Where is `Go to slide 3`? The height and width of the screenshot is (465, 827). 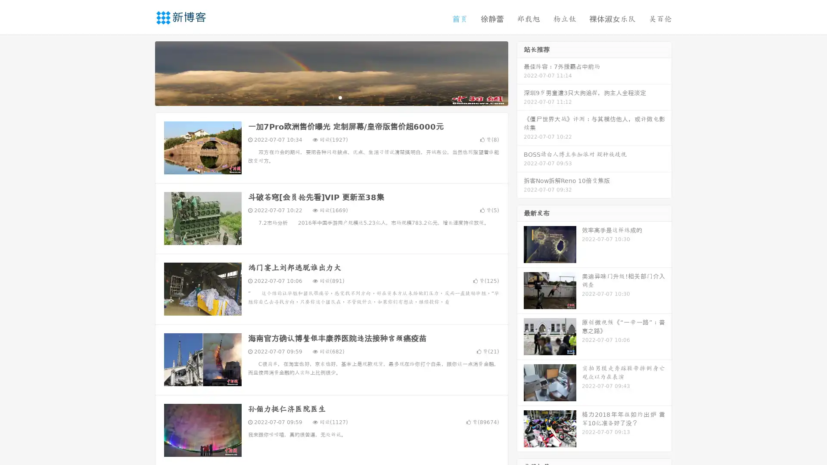
Go to slide 3 is located at coordinates (340, 97).